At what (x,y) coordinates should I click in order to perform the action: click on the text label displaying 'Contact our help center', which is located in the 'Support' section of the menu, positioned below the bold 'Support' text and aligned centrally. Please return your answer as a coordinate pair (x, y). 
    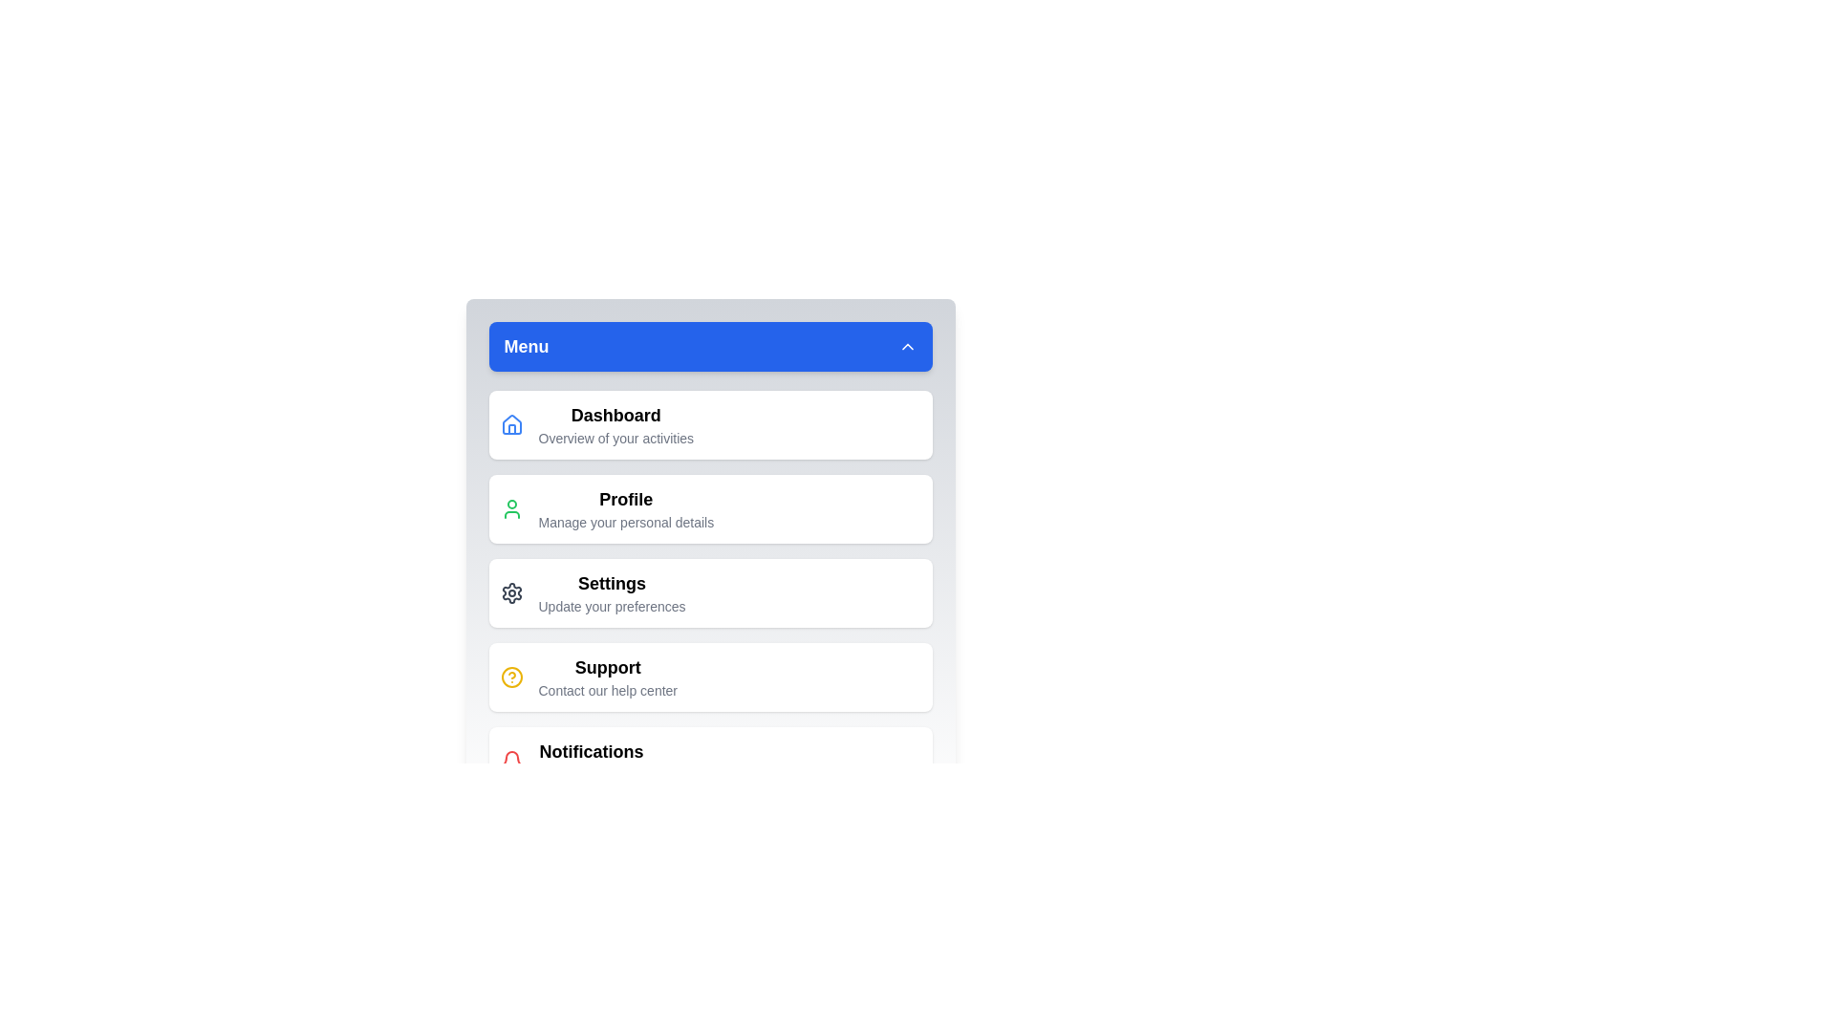
    Looking at the image, I should click on (607, 690).